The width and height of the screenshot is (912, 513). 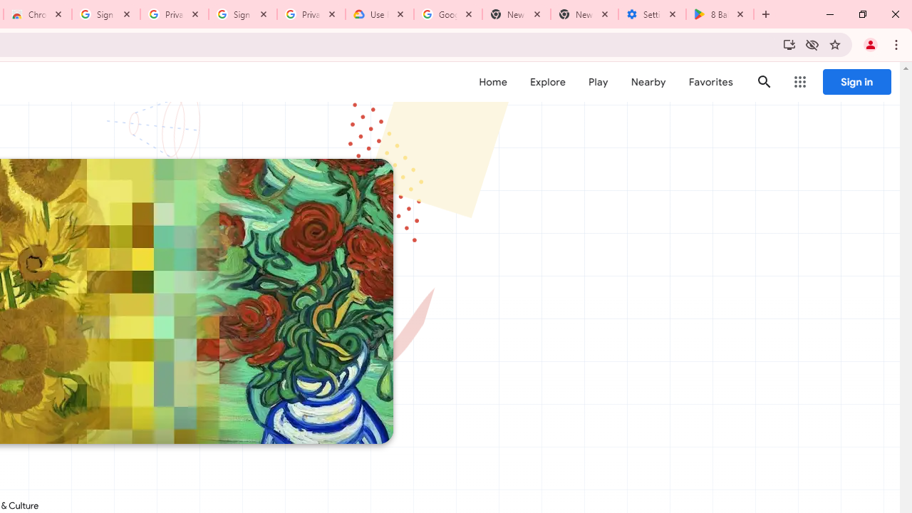 What do you see at coordinates (598, 82) in the screenshot?
I see `'Play'` at bounding box center [598, 82].